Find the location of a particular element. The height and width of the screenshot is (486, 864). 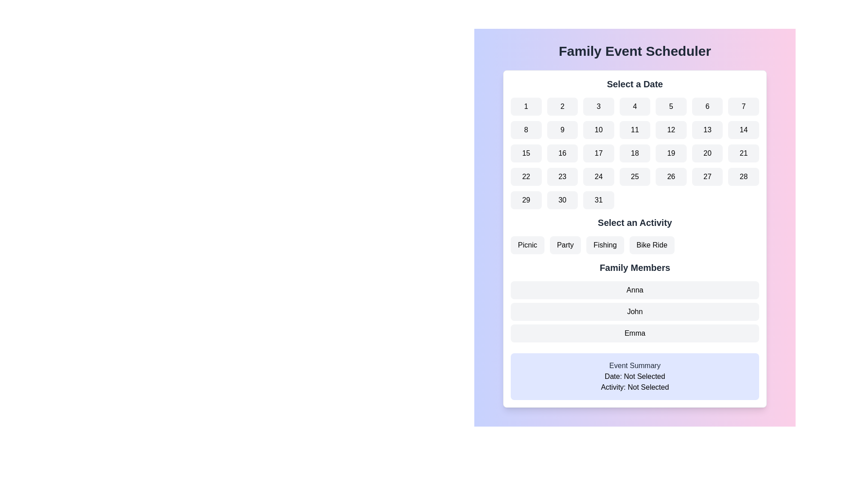

the top-left button in the 'Select a Date' section is located at coordinates (526, 106).